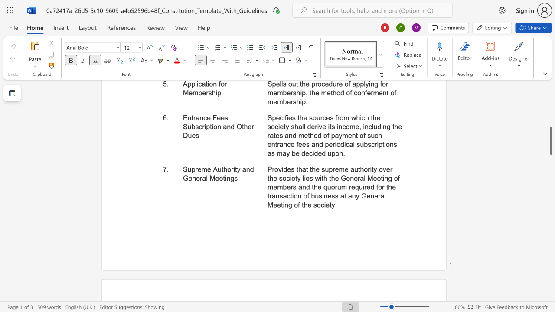  I want to click on the page's right scrollbar for upward movement, so click(550, 107).